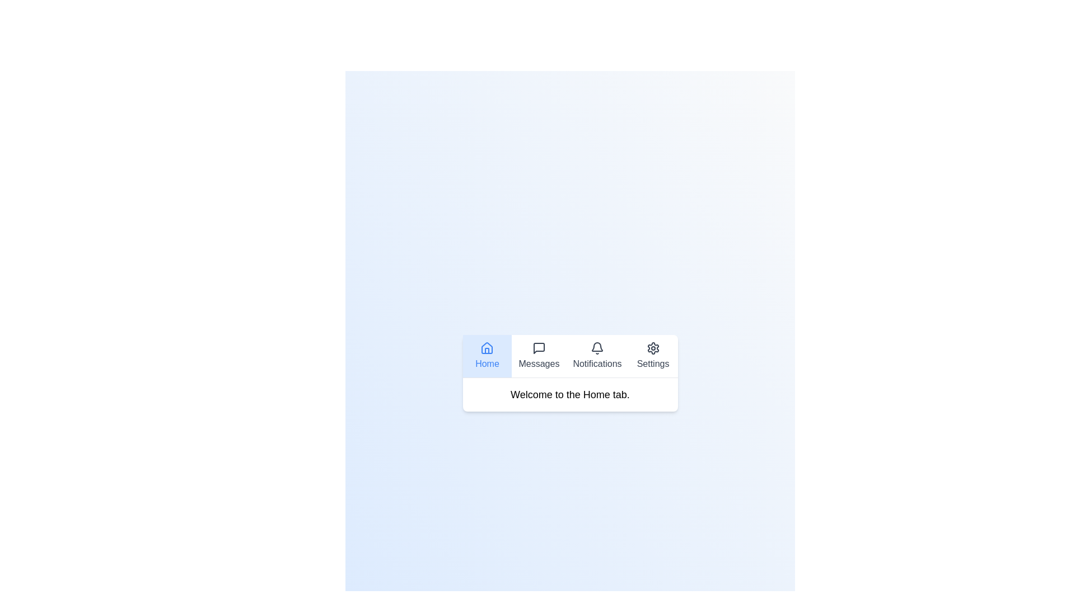 The height and width of the screenshot is (604, 1075). What do you see at coordinates (539, 356) in the screenshot?
I see `the 'Messages' navigation tab, which features a speech bubble icon and a label below it` at bounding box center [539, 356].